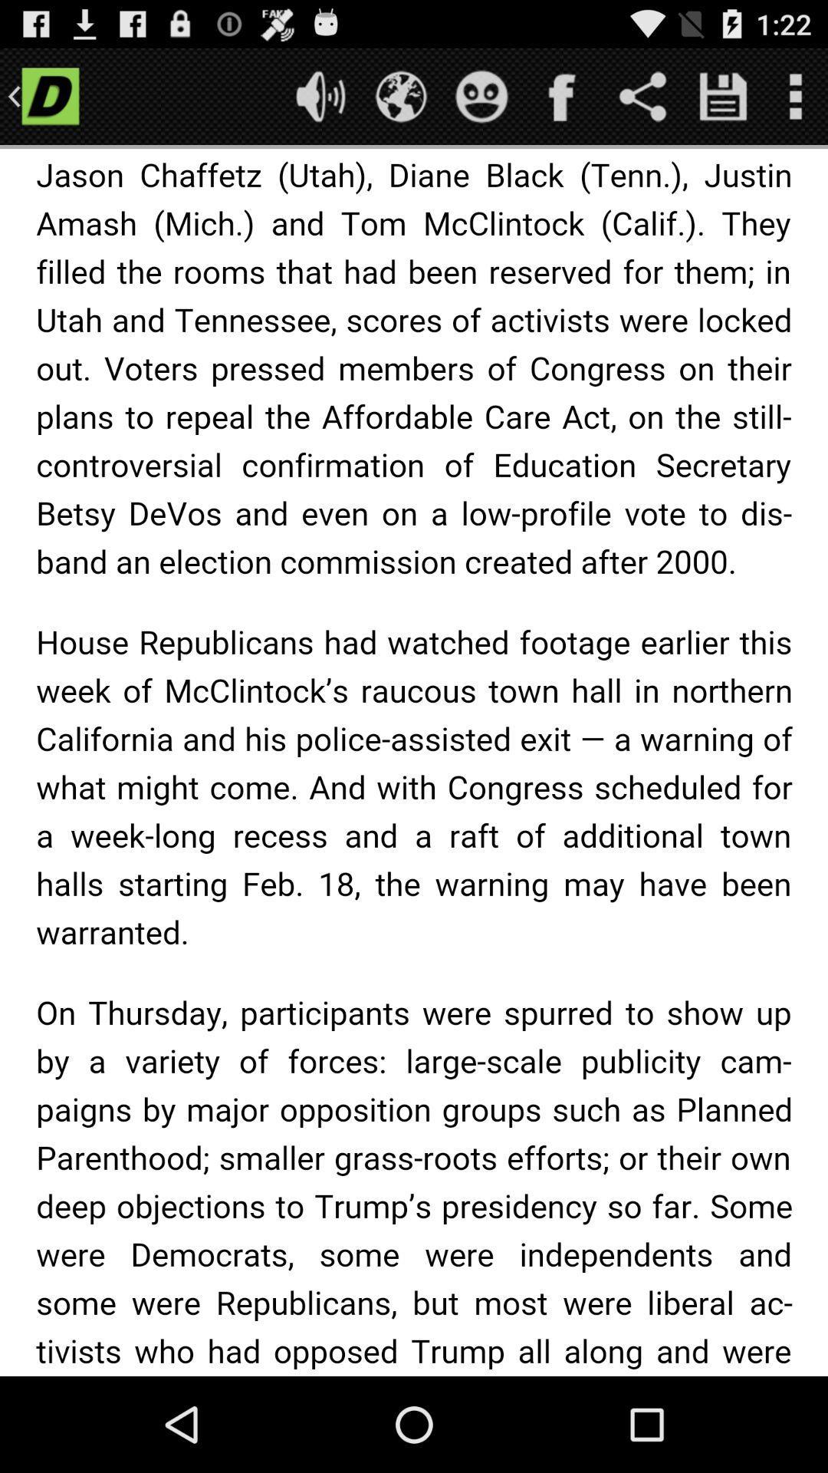 Image resolution: width=828 pixels, height=1473 pixels. Describe the element at coordinates (723, 102) in the screenshot. I see `the save icon` at that location.